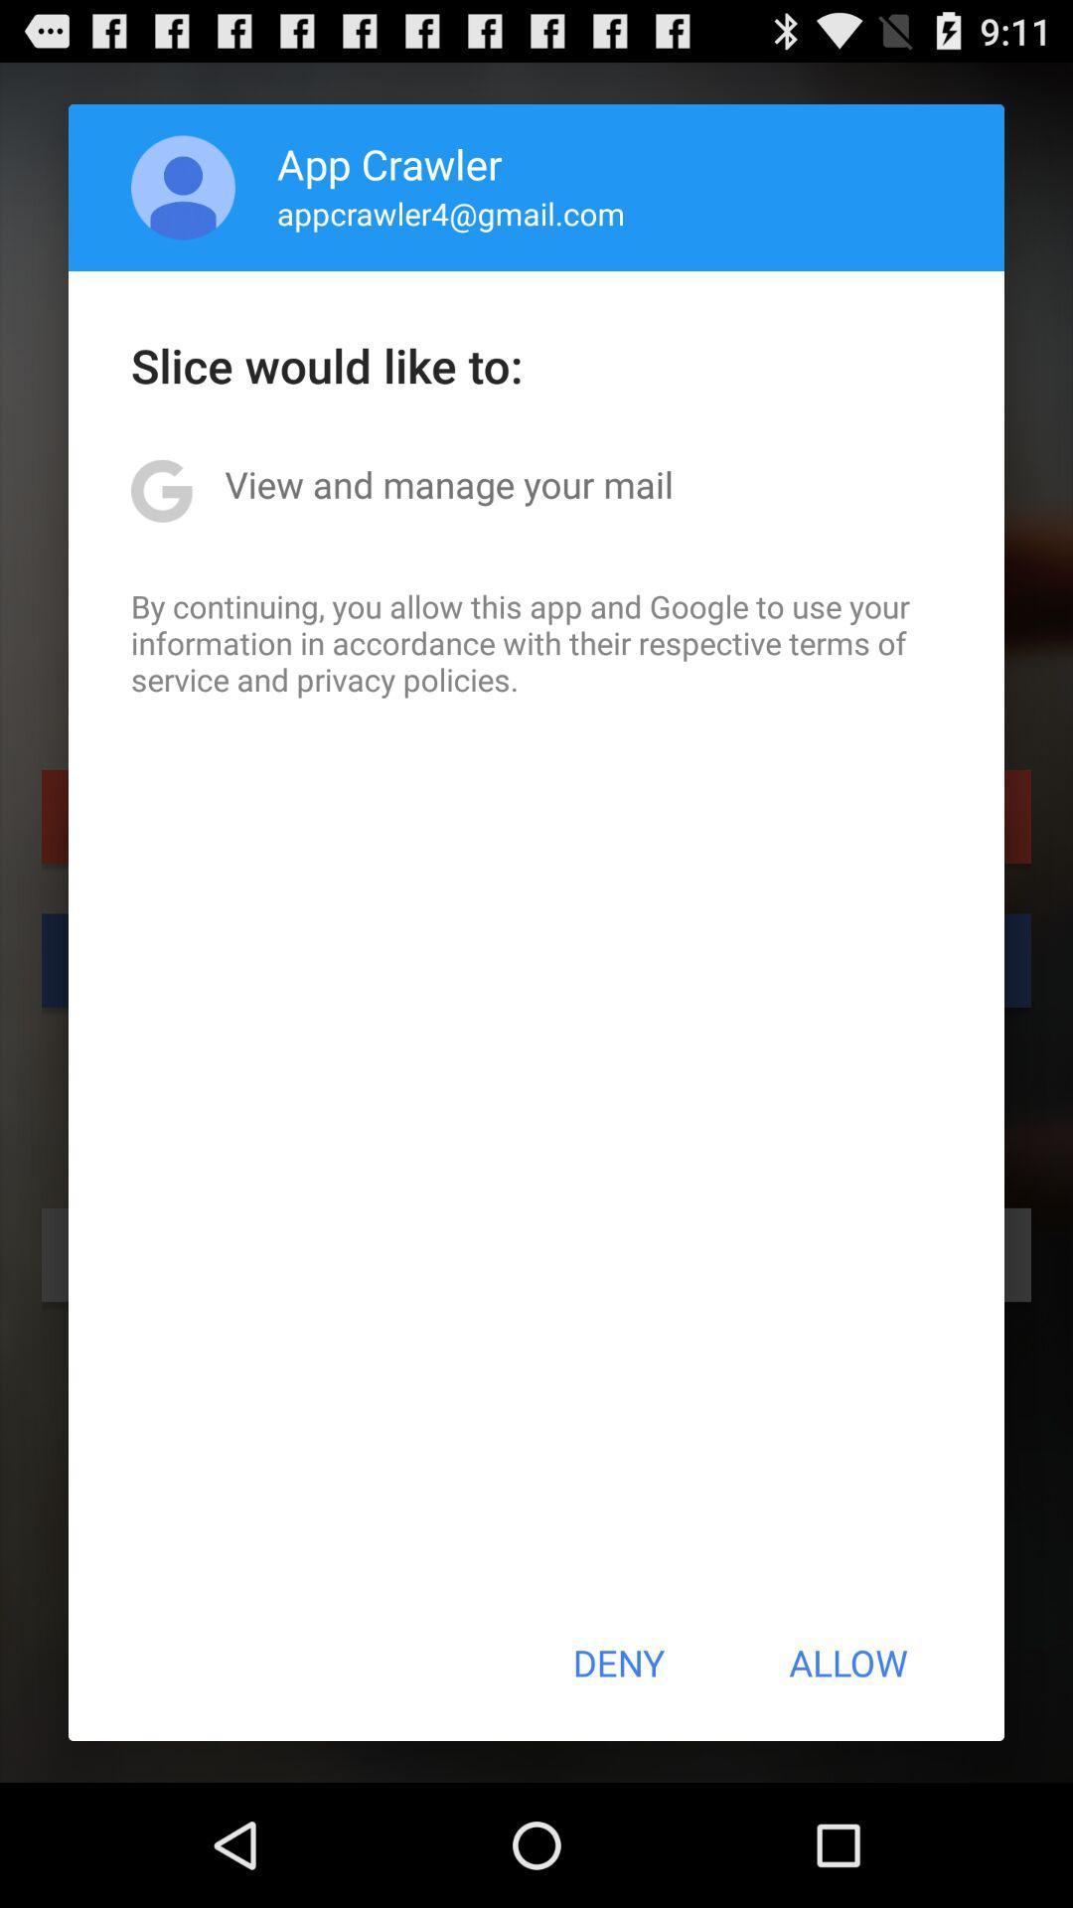 This screenshot has width=1073, height=1908. What do you see at coordinates (617, 1663) in the screenshot?
I see `icon to the left of the allow item` at bounding box center [617, 1663].